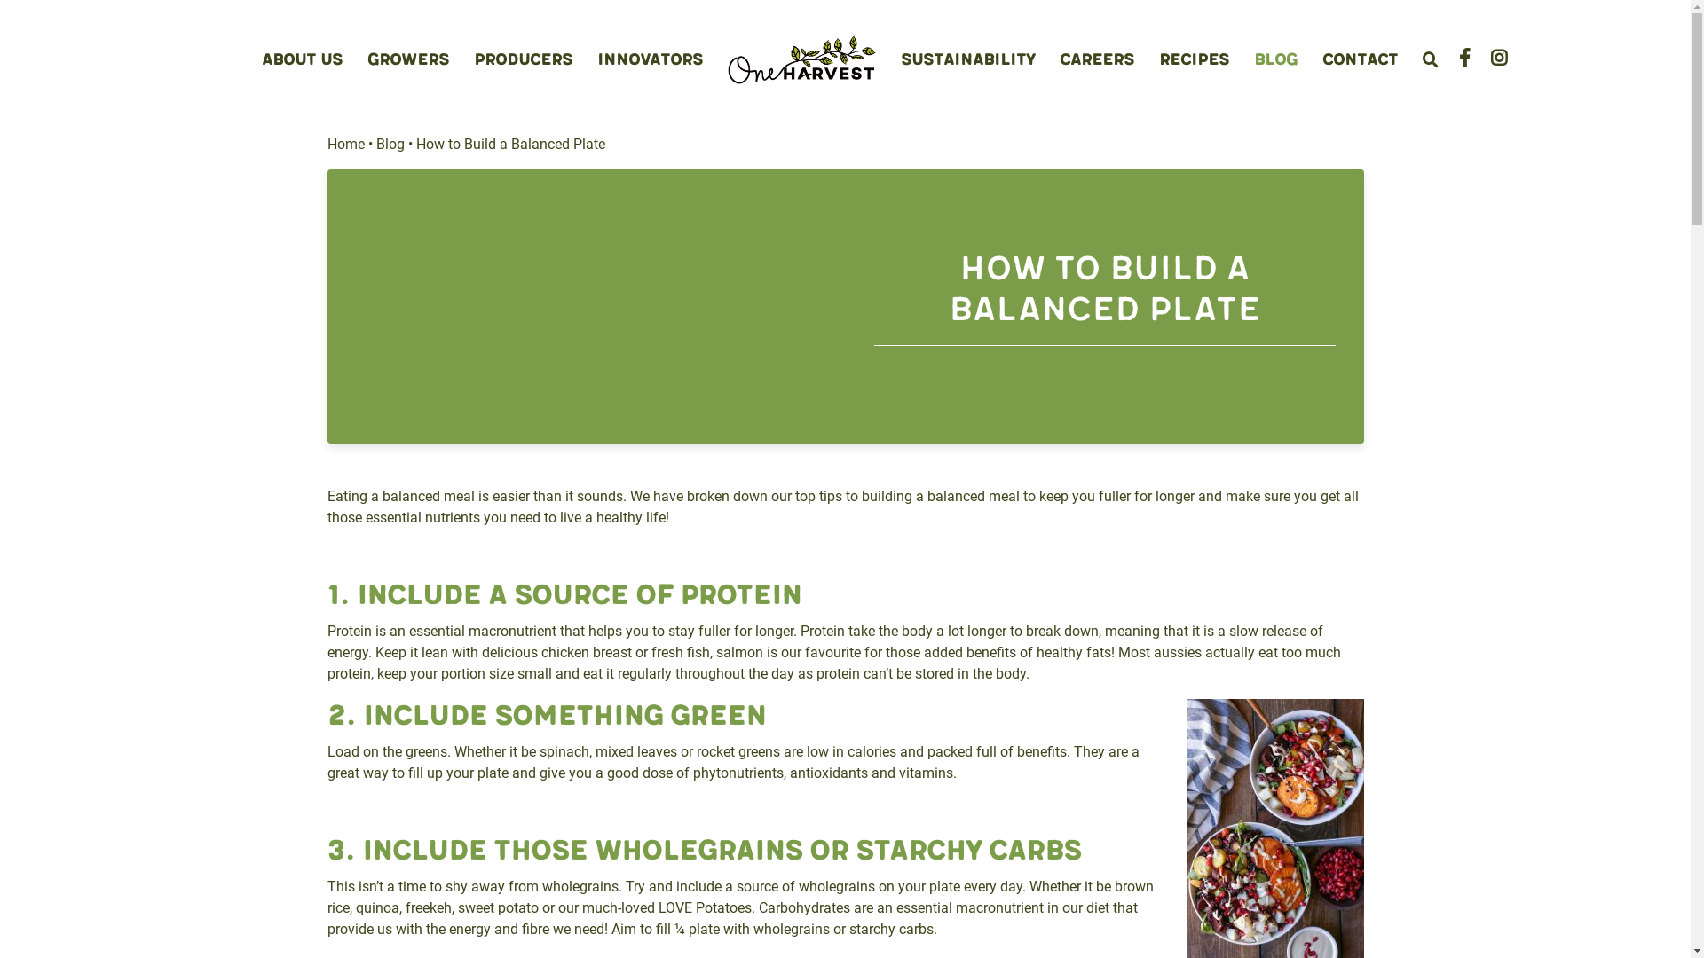  I want to click on 'Blog', so click(375, 143).